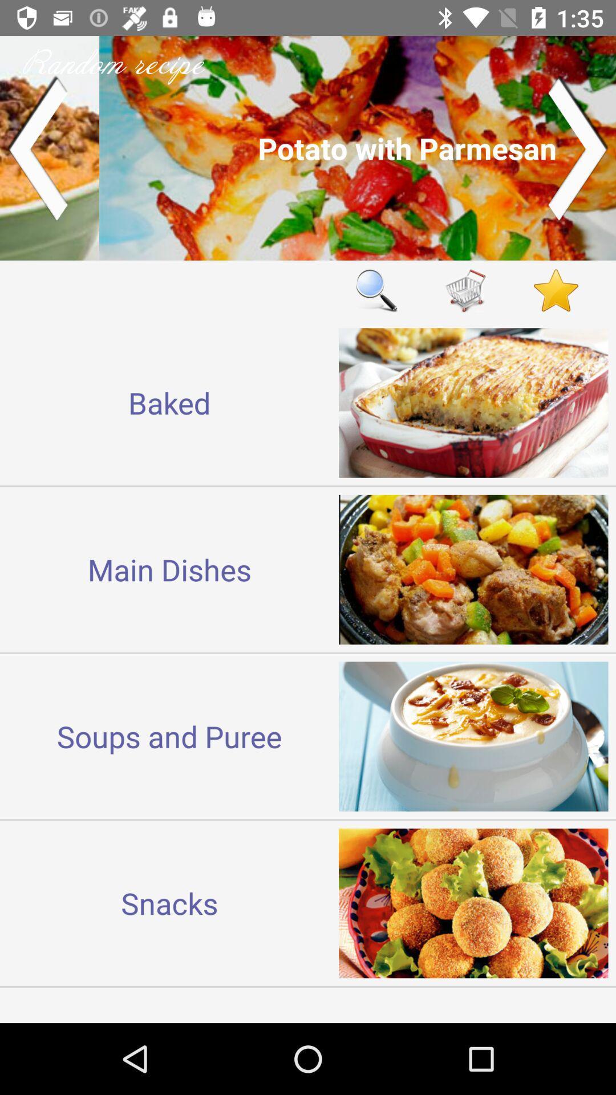 The width and height of the screenshot is (616, 1095). I want to click on the item next to baked icon, so click(376, 290).